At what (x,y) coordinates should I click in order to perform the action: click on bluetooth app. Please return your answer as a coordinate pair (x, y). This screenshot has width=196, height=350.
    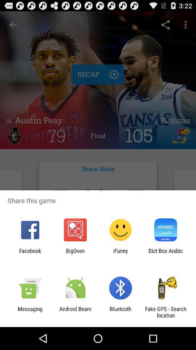
    Looking at the image, I should click on (121, 312).